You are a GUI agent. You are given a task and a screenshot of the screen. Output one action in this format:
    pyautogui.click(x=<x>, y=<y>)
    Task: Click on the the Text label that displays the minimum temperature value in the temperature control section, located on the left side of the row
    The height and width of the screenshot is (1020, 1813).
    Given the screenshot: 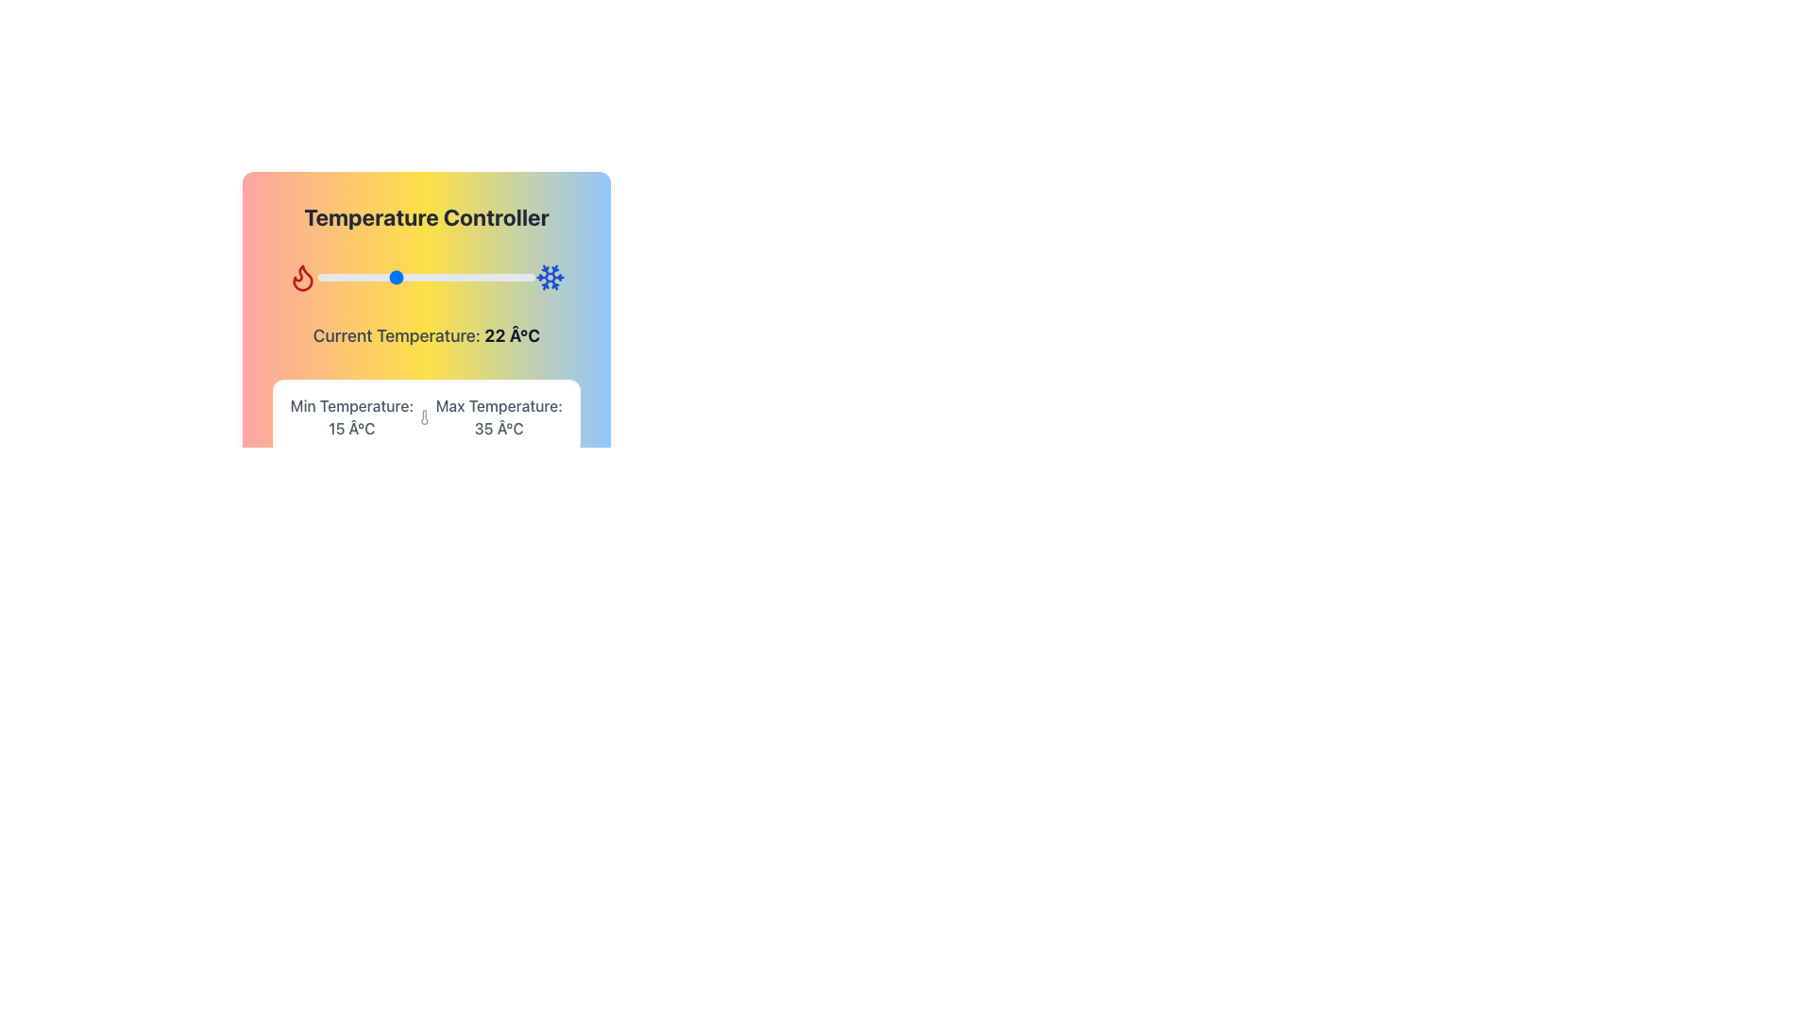 What is the action you would take?
    pyautogui.click(x=351, y=416)
    